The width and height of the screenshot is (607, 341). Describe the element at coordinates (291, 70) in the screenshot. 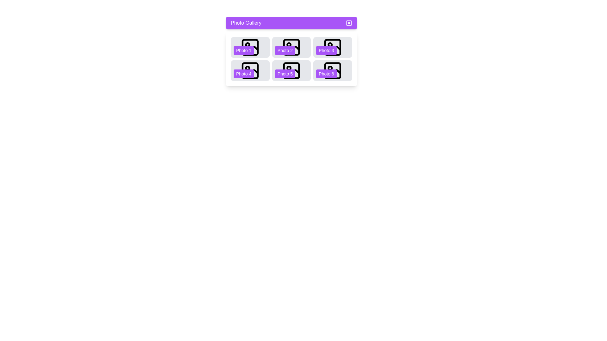

I see `the photo labeled with the number 5` at that location.